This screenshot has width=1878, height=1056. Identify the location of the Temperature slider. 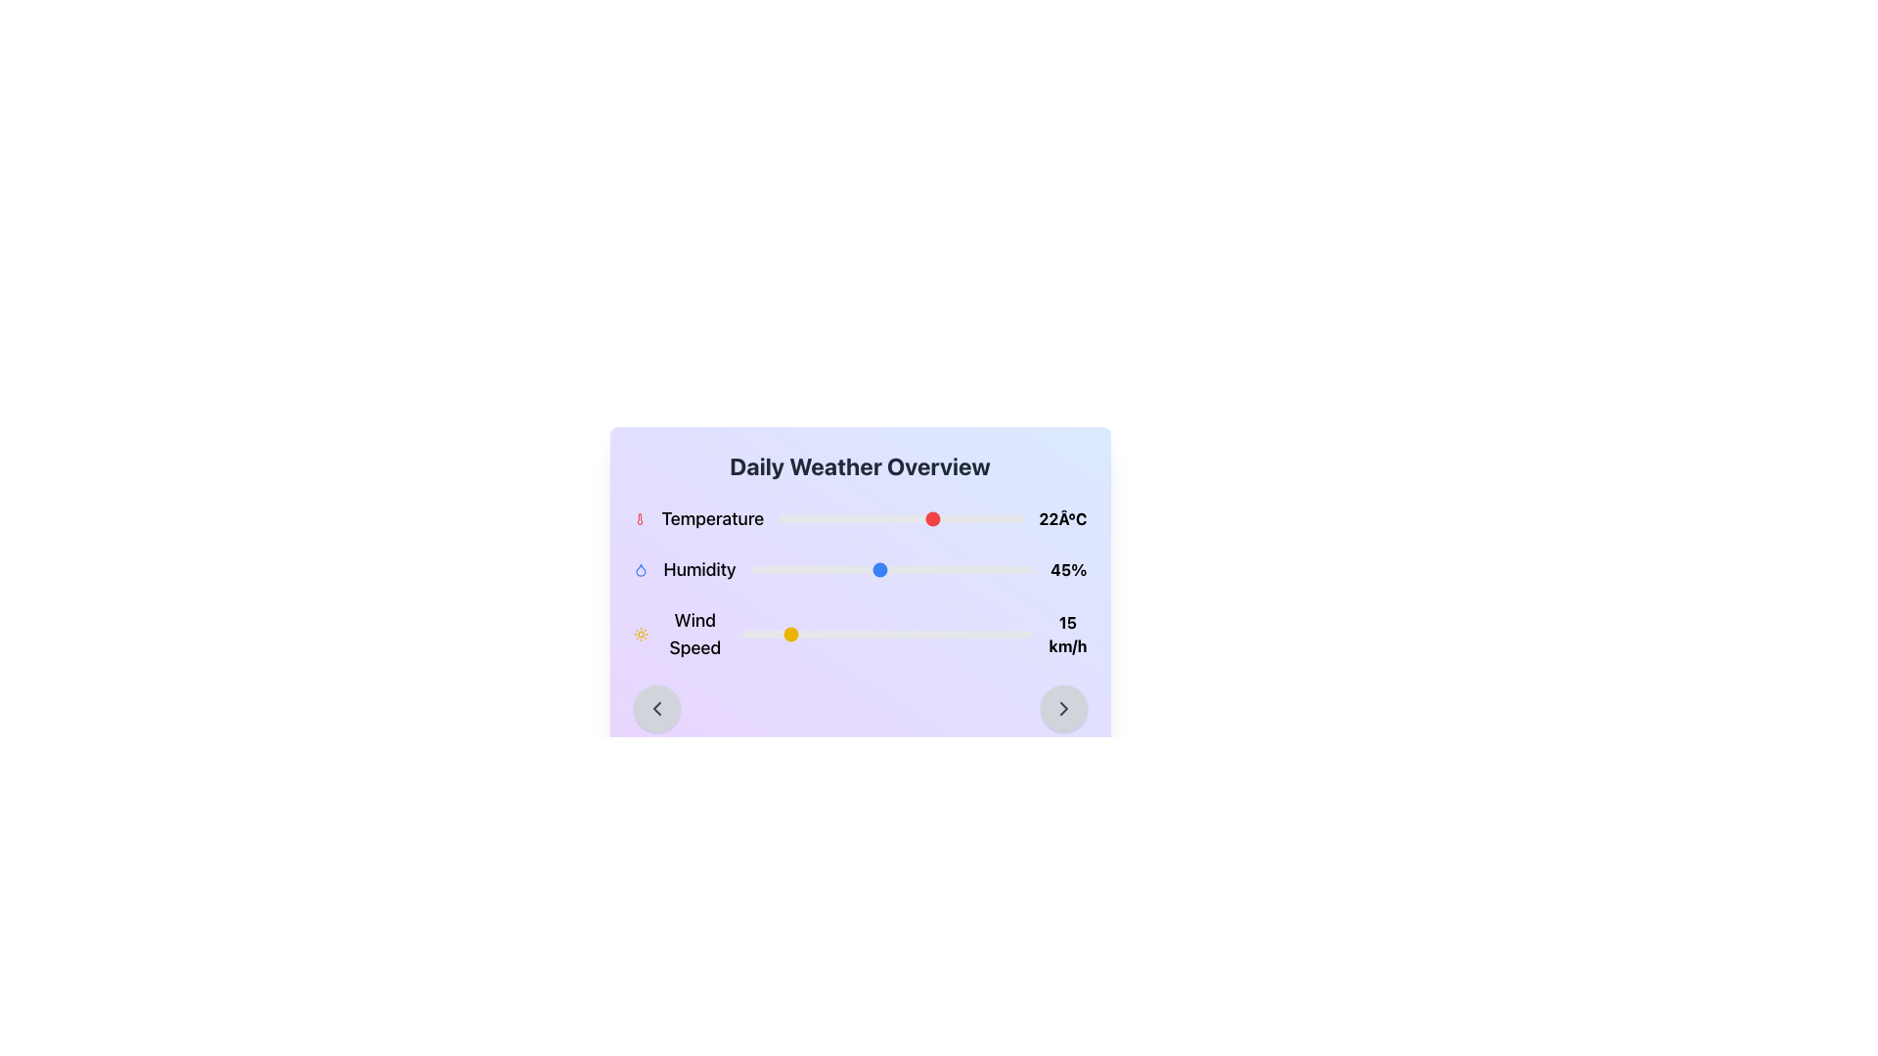
(969, 518).